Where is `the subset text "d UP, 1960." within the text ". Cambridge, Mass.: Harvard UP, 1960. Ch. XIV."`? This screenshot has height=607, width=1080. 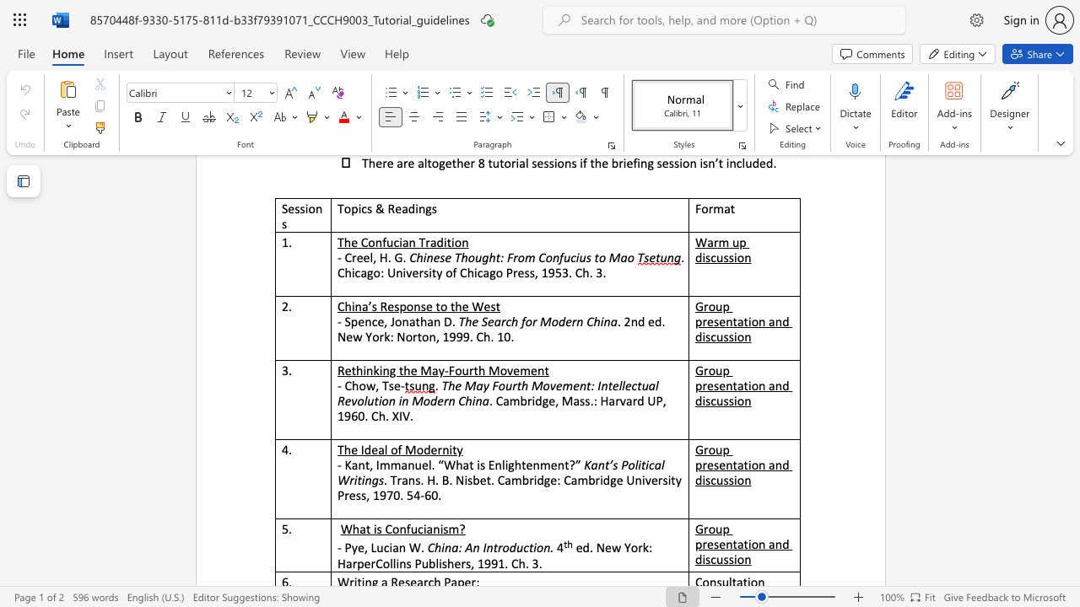 the subset text "d UP, 1960." within the text ". Cambridge, Mass.: Harvard UP, 1960. Ch. XIV." is located at coordinates (636, 400).